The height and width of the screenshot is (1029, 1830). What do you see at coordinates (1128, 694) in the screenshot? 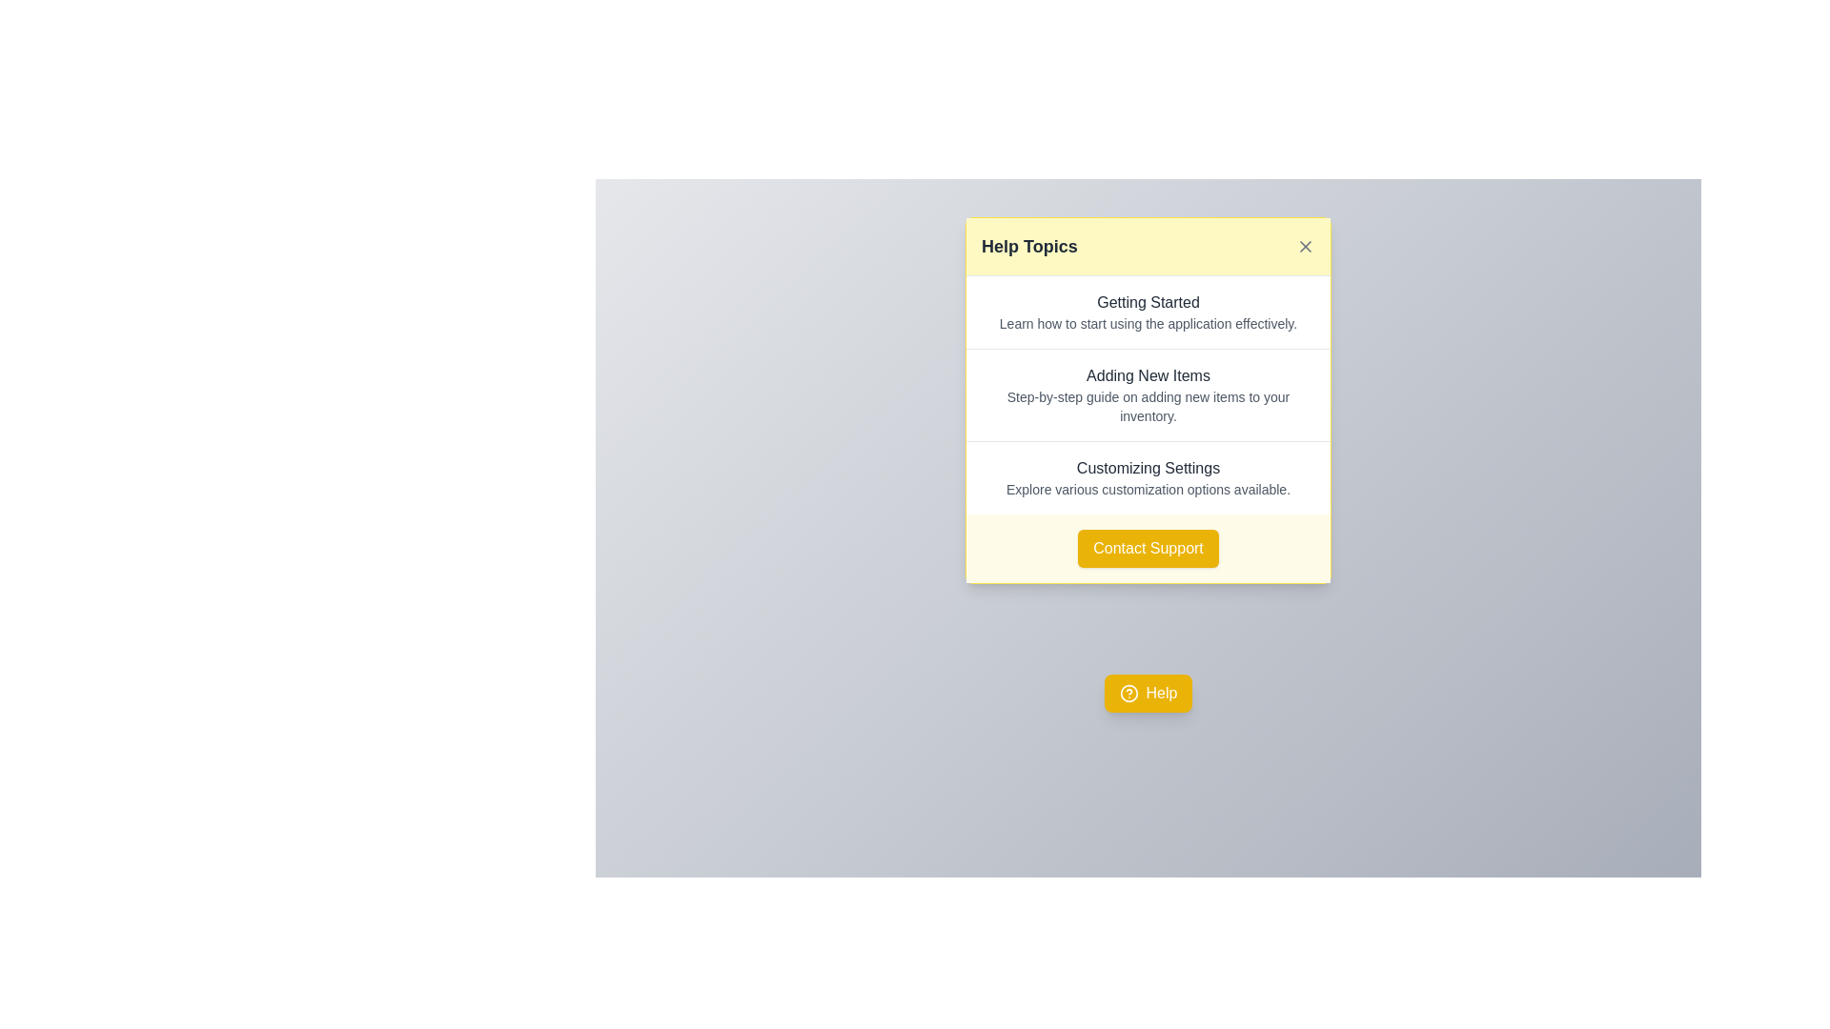
I see `the circle icon with a question mark inside, located` at bounding box center [1128, 694].